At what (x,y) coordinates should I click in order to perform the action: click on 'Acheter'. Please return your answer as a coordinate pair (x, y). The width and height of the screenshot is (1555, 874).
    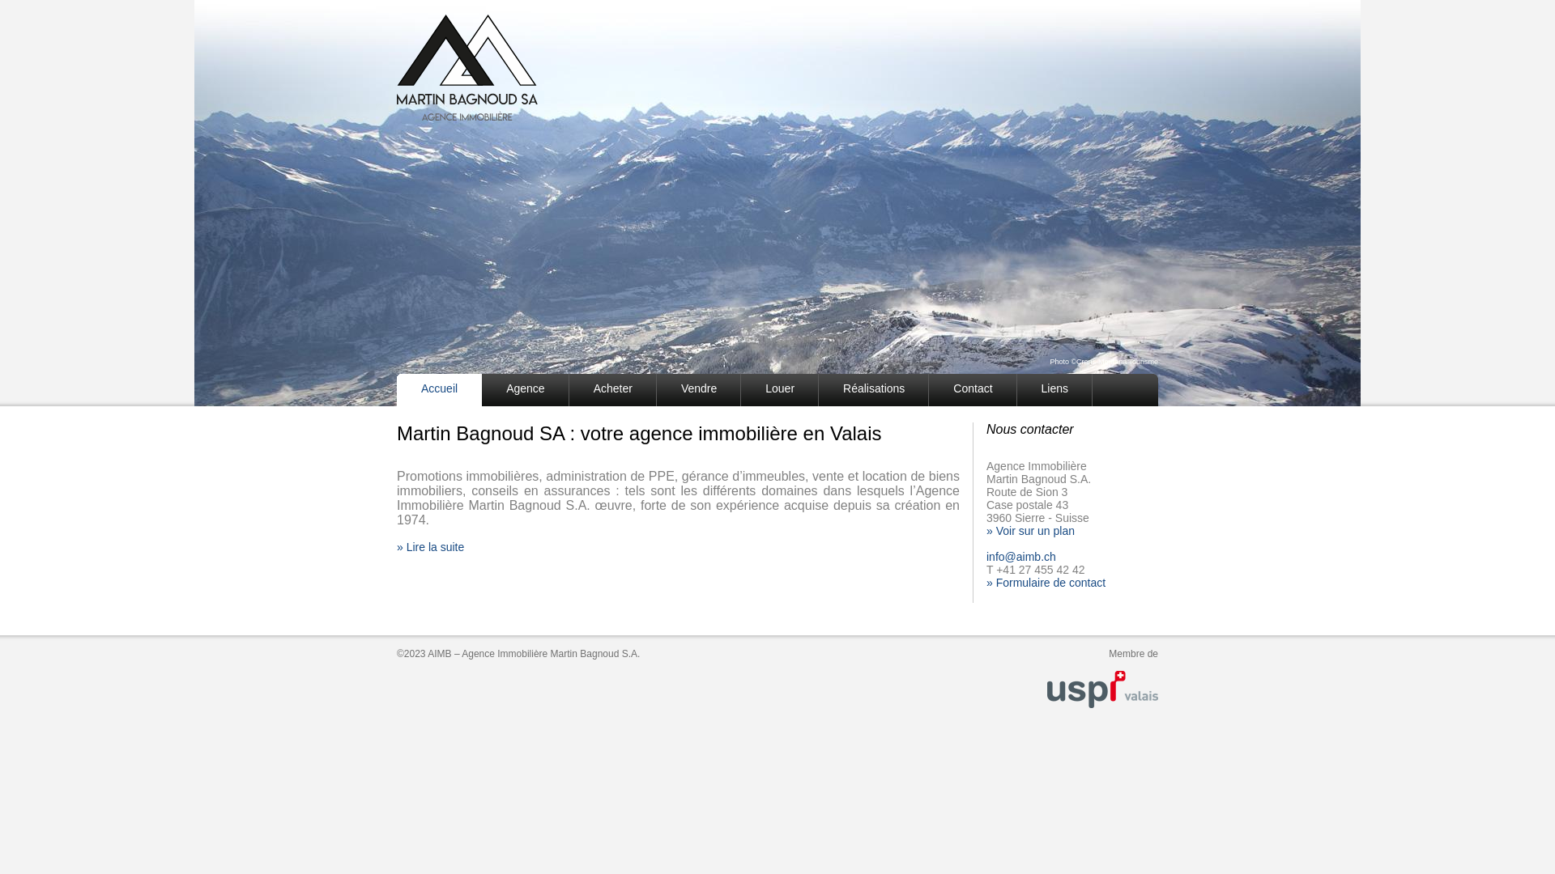
    Looking at the image, I should click on (612, 390).